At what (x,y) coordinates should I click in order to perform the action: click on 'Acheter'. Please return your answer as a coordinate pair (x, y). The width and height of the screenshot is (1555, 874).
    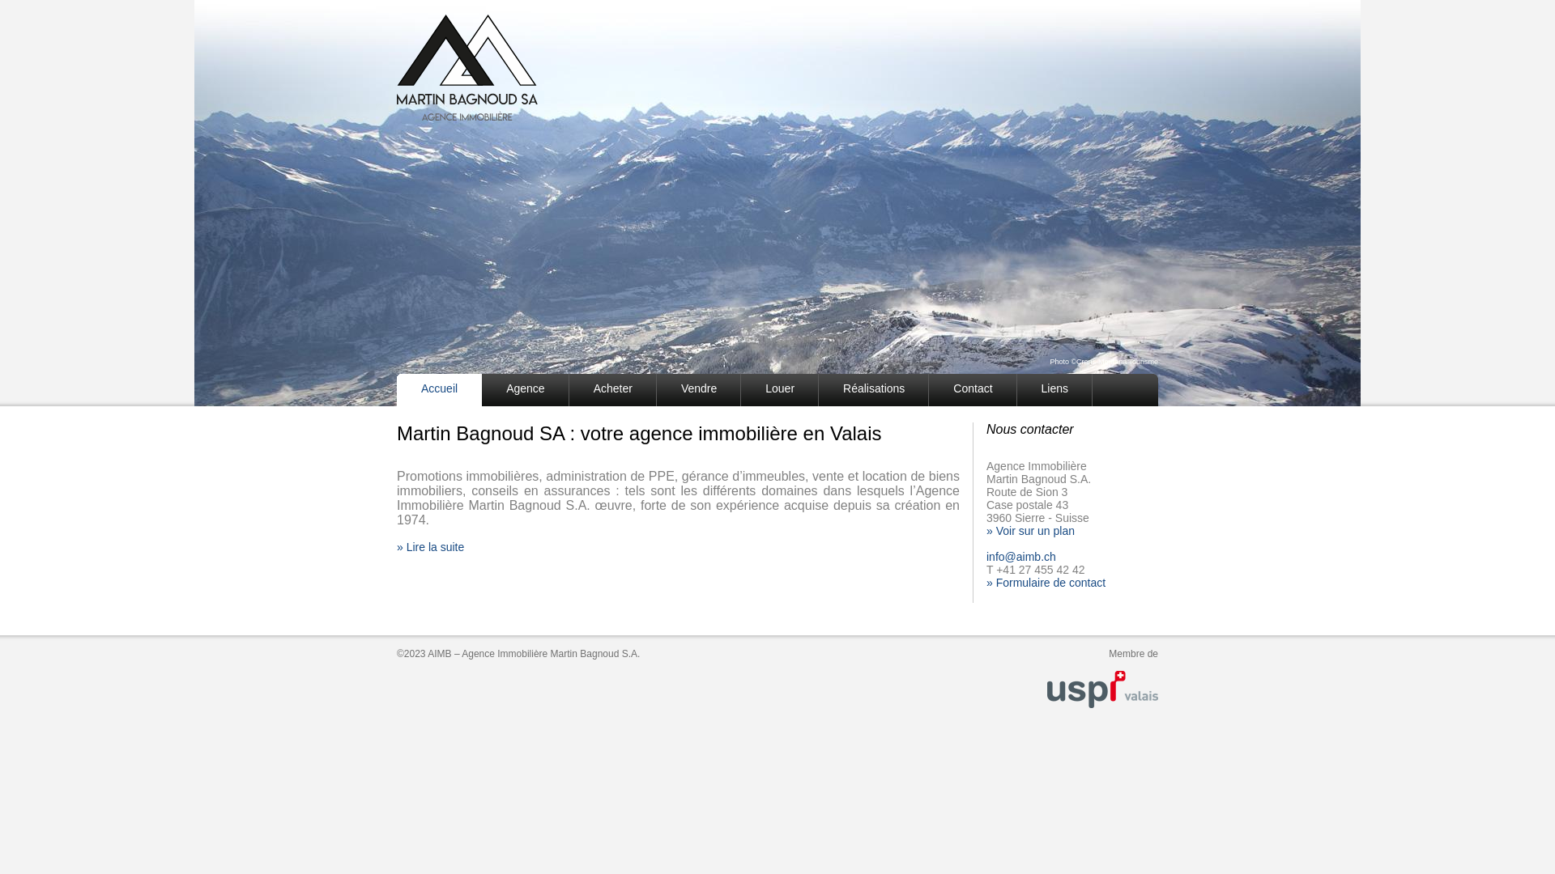
    Looking at the image, I should click on (612, 390).